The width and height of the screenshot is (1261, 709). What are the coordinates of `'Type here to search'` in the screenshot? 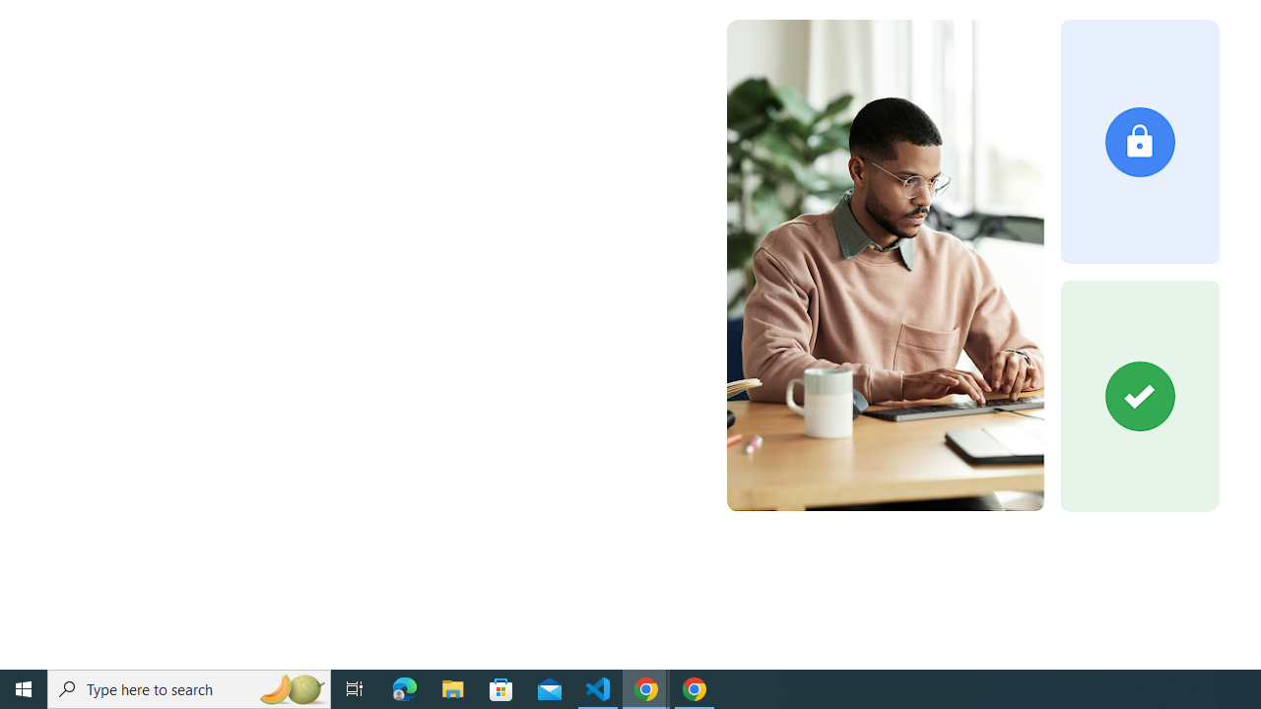 It's located at (189, 687).